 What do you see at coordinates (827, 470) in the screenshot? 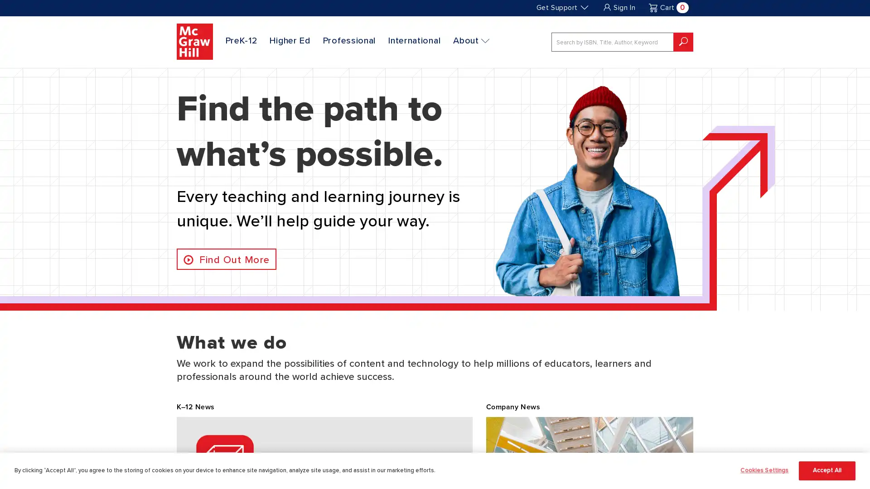
I see `Accept All` at bounding box center [827, 470].